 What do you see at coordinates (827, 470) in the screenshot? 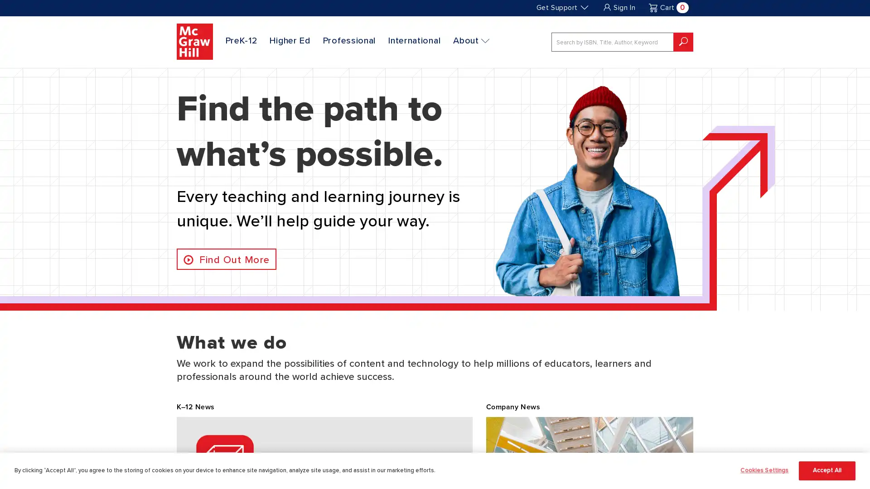
I see `Accept All` at bounding box center [827, 470].